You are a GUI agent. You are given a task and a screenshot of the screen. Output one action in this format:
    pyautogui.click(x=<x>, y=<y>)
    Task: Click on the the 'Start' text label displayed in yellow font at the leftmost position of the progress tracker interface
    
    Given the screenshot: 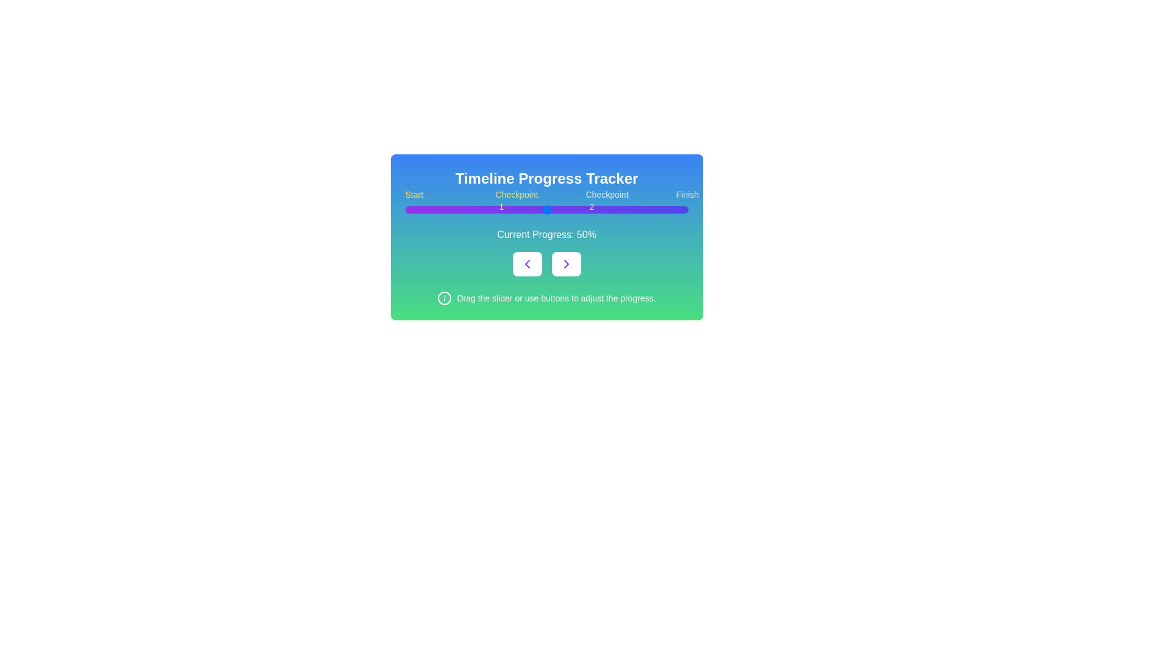 What is the action you would take?
    pyautogui.click(x=411, y=200)
    